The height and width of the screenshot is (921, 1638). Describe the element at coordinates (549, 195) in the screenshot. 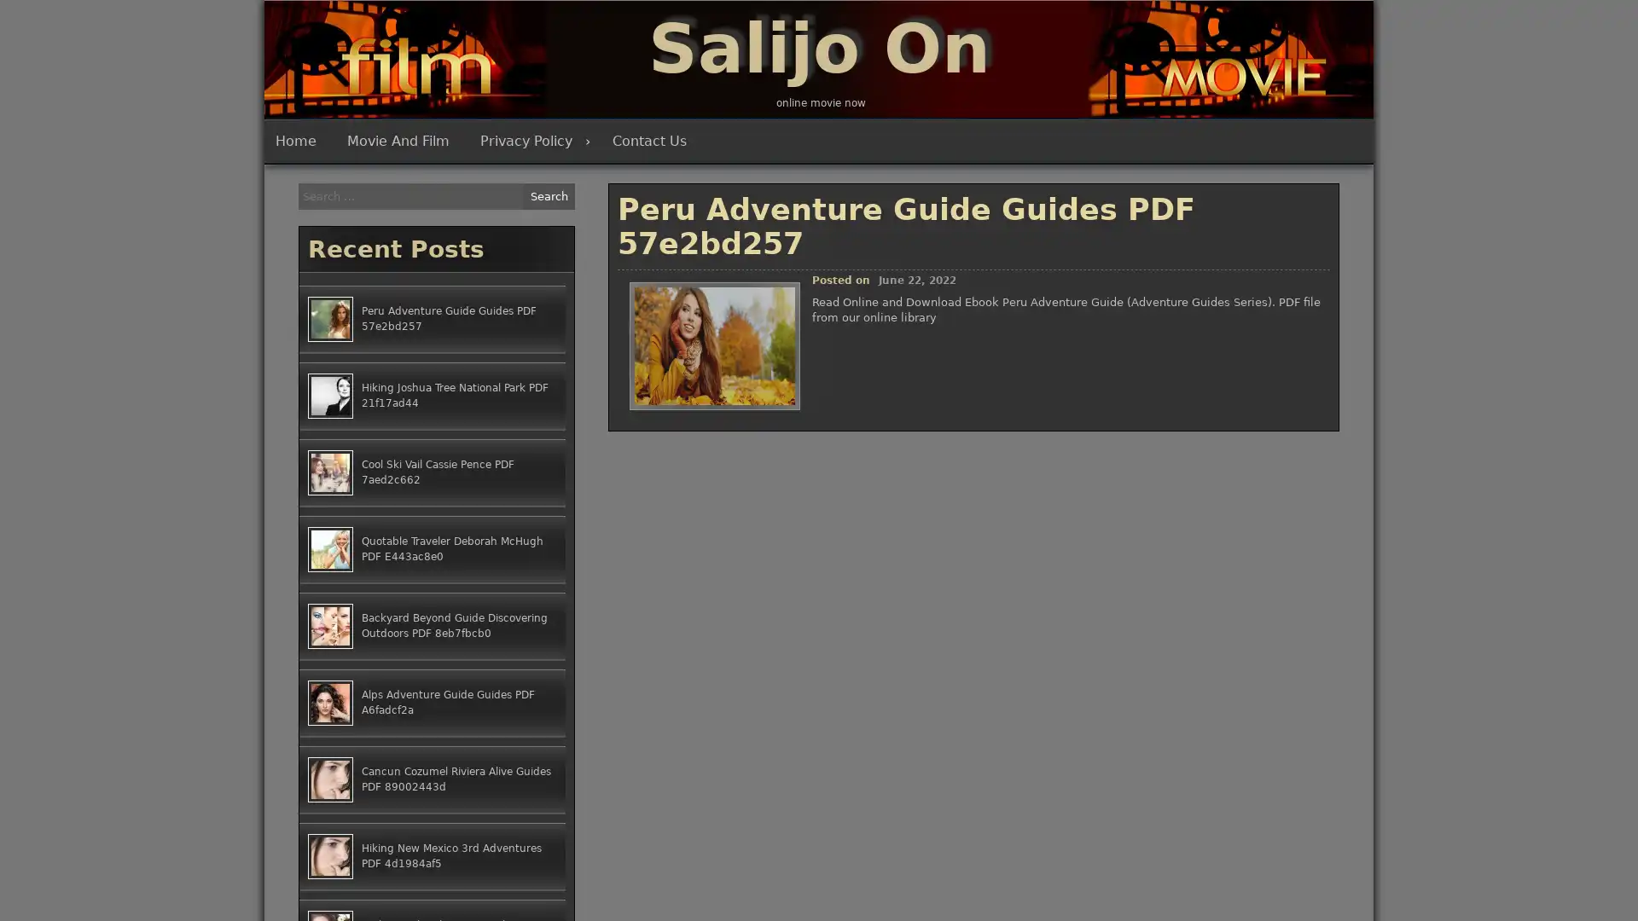

I see `Search` at that location.